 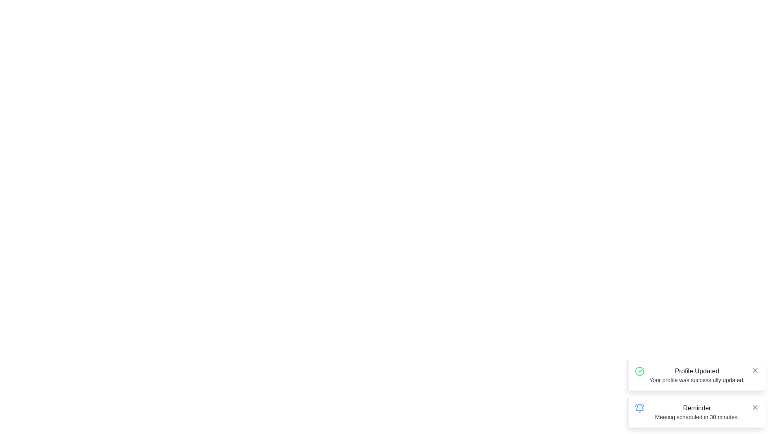 What do you see at coordinates (639, 408) in the screenshot?
I see `the blue outlined bell-shaped icon located at the top-left corner of the 'Reminder' notification, adjacent to the label text` at bounding box center [639, 408].